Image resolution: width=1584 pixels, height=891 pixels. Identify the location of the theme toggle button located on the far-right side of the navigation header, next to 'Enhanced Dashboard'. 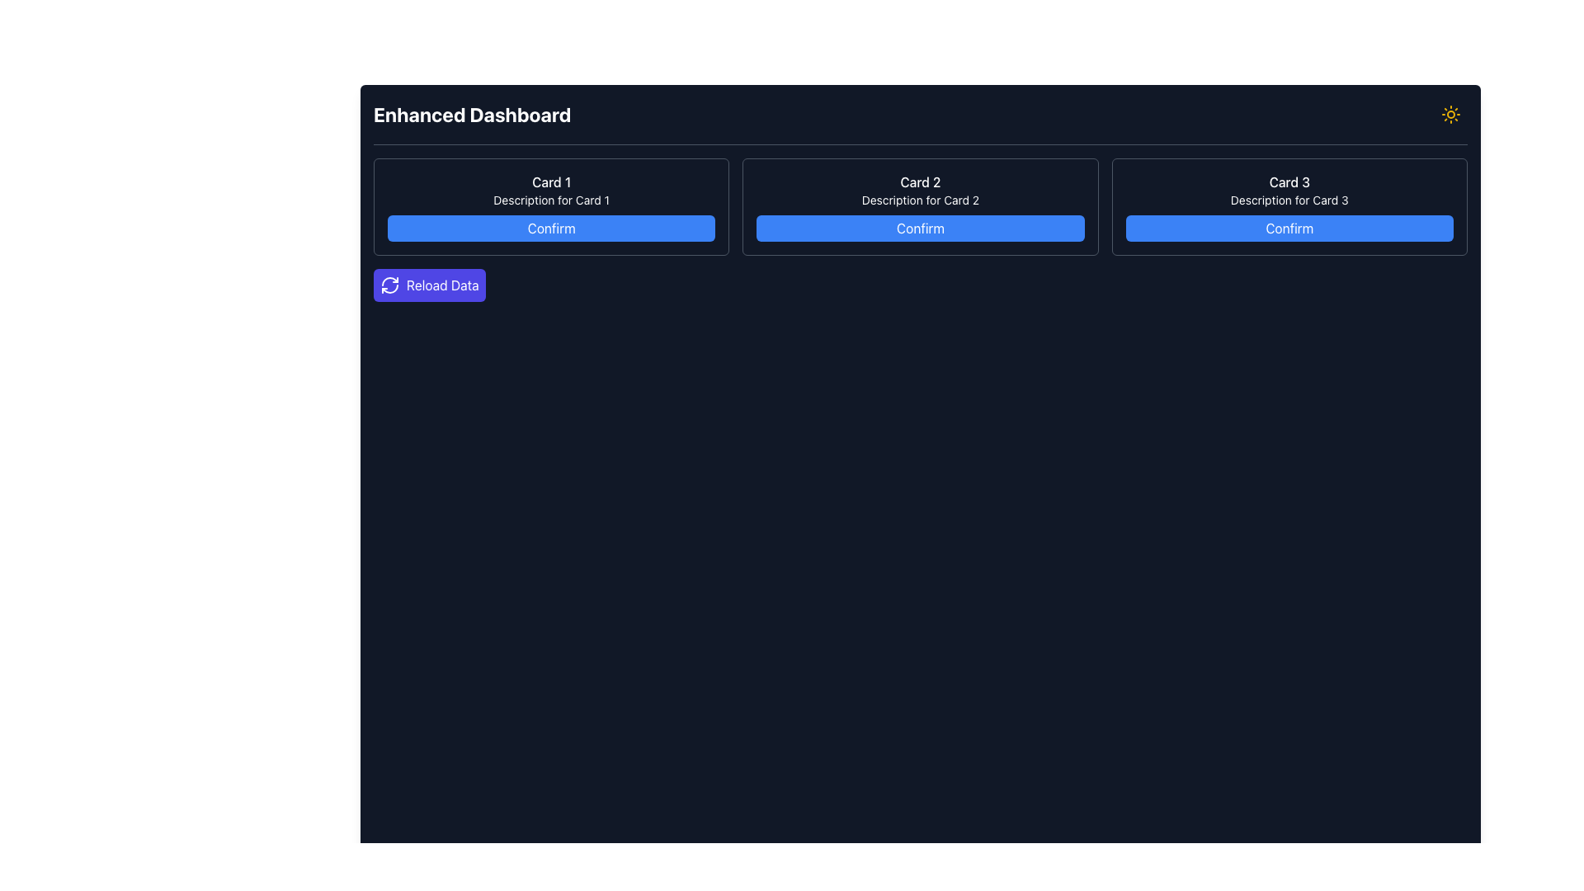
(1450, 113).